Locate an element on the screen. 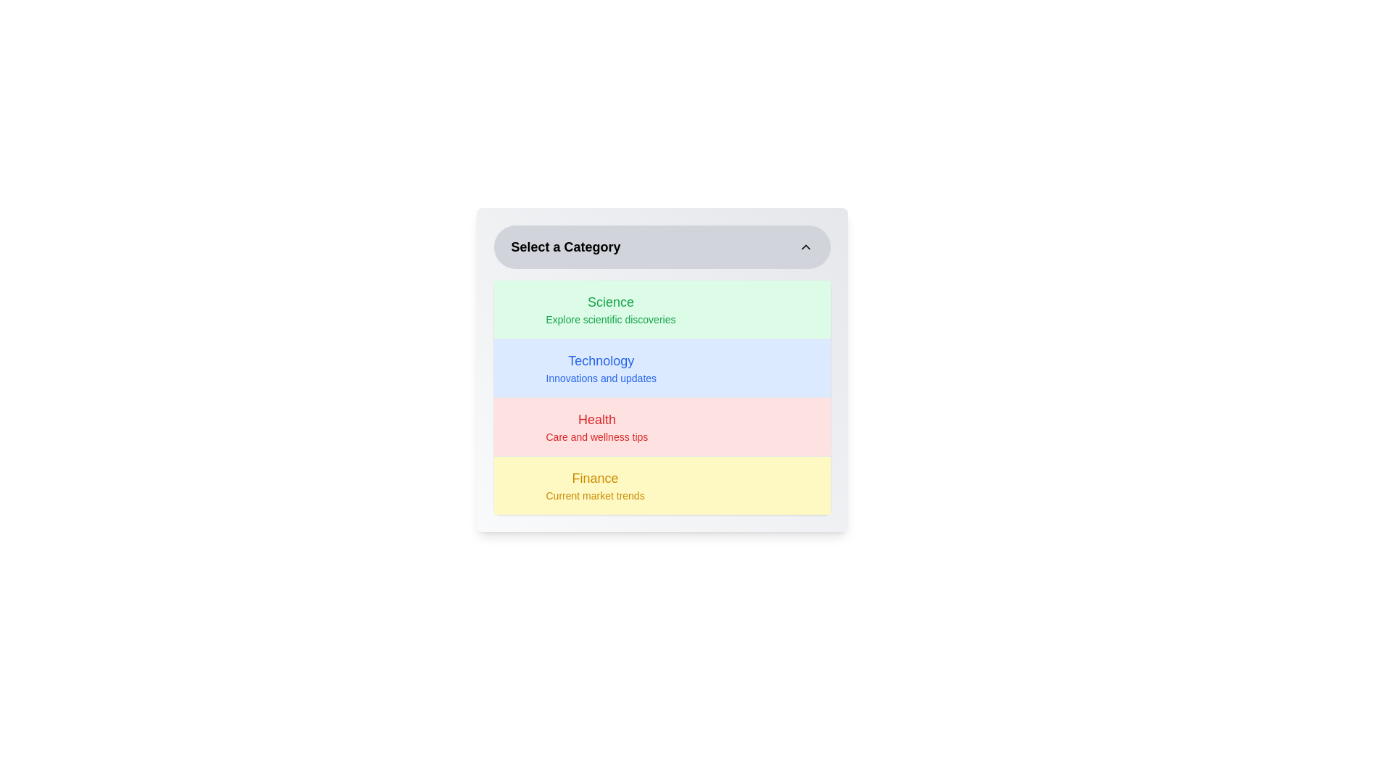 Image resolution: width=1393 pixels, height=783 pixels. the category Science from the list is located at coordinates (661, 309).